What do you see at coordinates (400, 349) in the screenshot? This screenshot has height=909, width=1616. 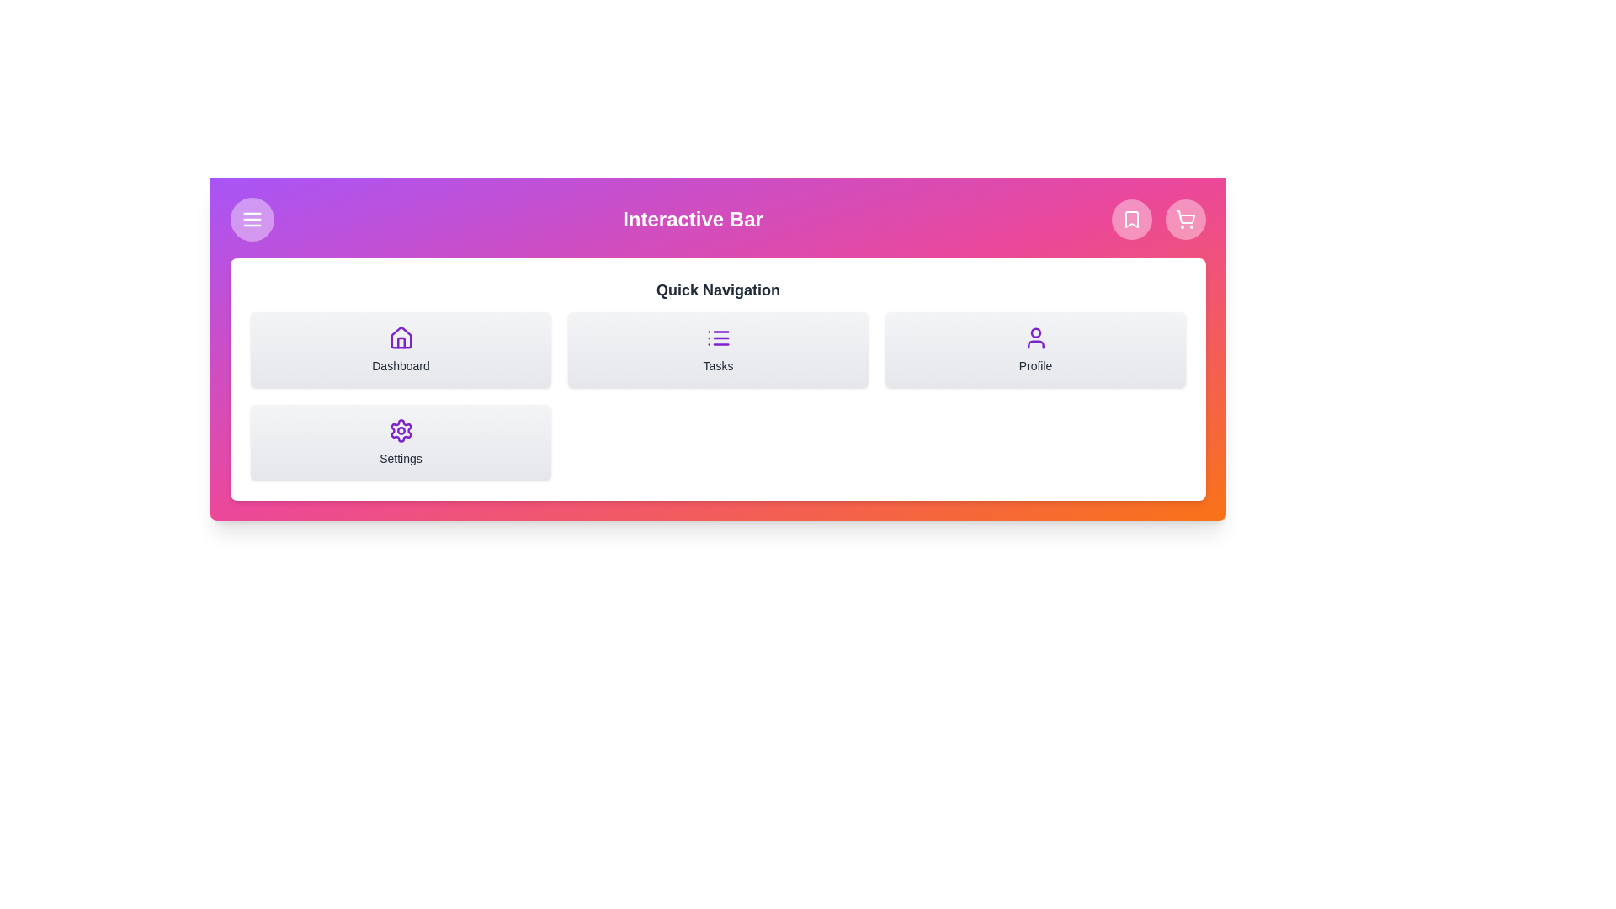 I see `the 'Dashboard' navigation button` at bounding box center [400, 349].